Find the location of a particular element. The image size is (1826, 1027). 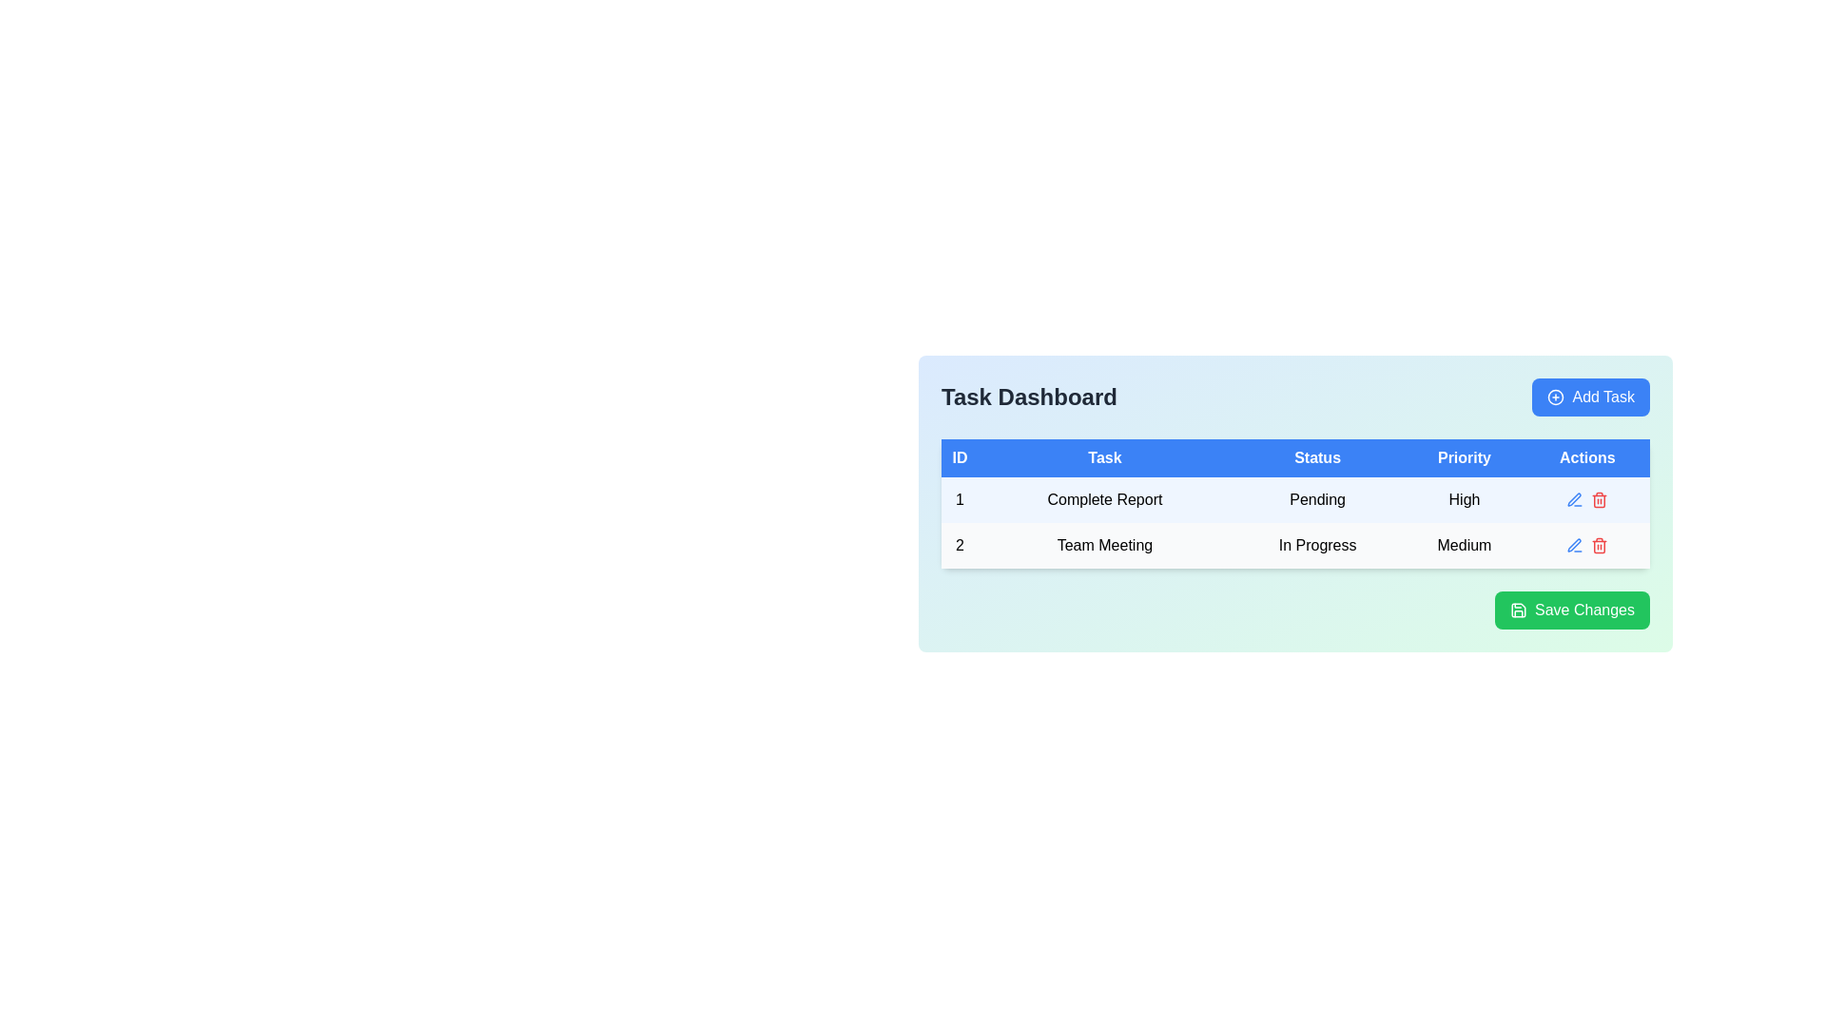

the edit icon in the 'Actions' column of the row for the task 'Complete Report' is located at coordinates (1575, 545).